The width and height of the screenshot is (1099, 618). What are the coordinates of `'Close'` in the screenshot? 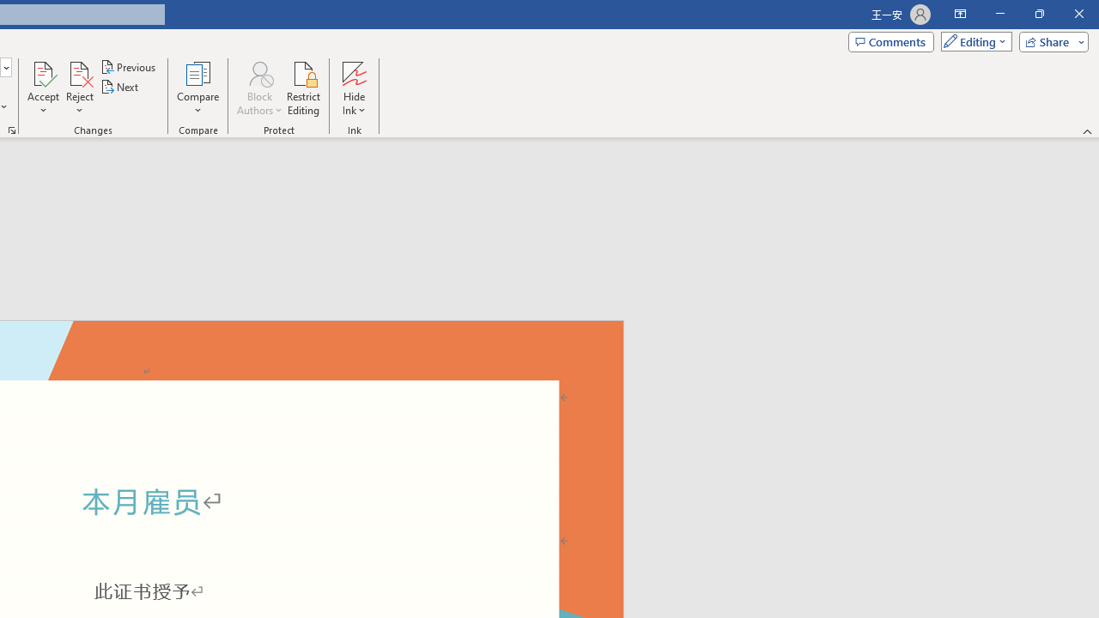 It's located at (1078, 14).